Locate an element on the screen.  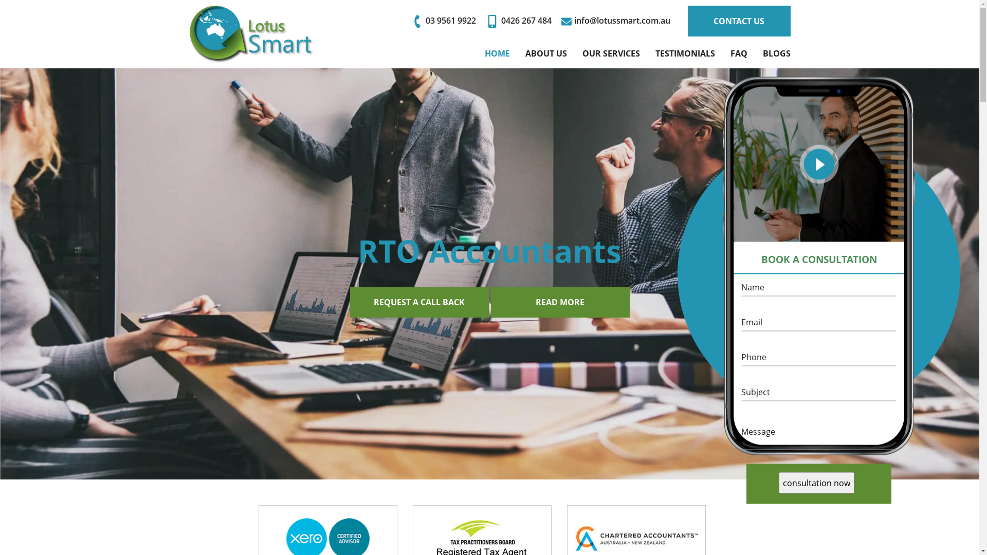
'OUR SERVICES' is located at coordinates (611, 53).